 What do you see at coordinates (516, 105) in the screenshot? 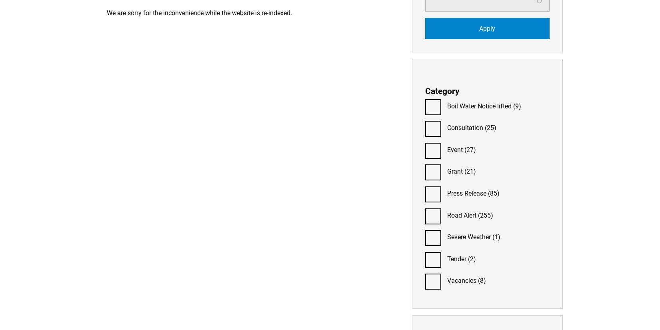
I see `'(9)'` at bounding box center [516, 105].